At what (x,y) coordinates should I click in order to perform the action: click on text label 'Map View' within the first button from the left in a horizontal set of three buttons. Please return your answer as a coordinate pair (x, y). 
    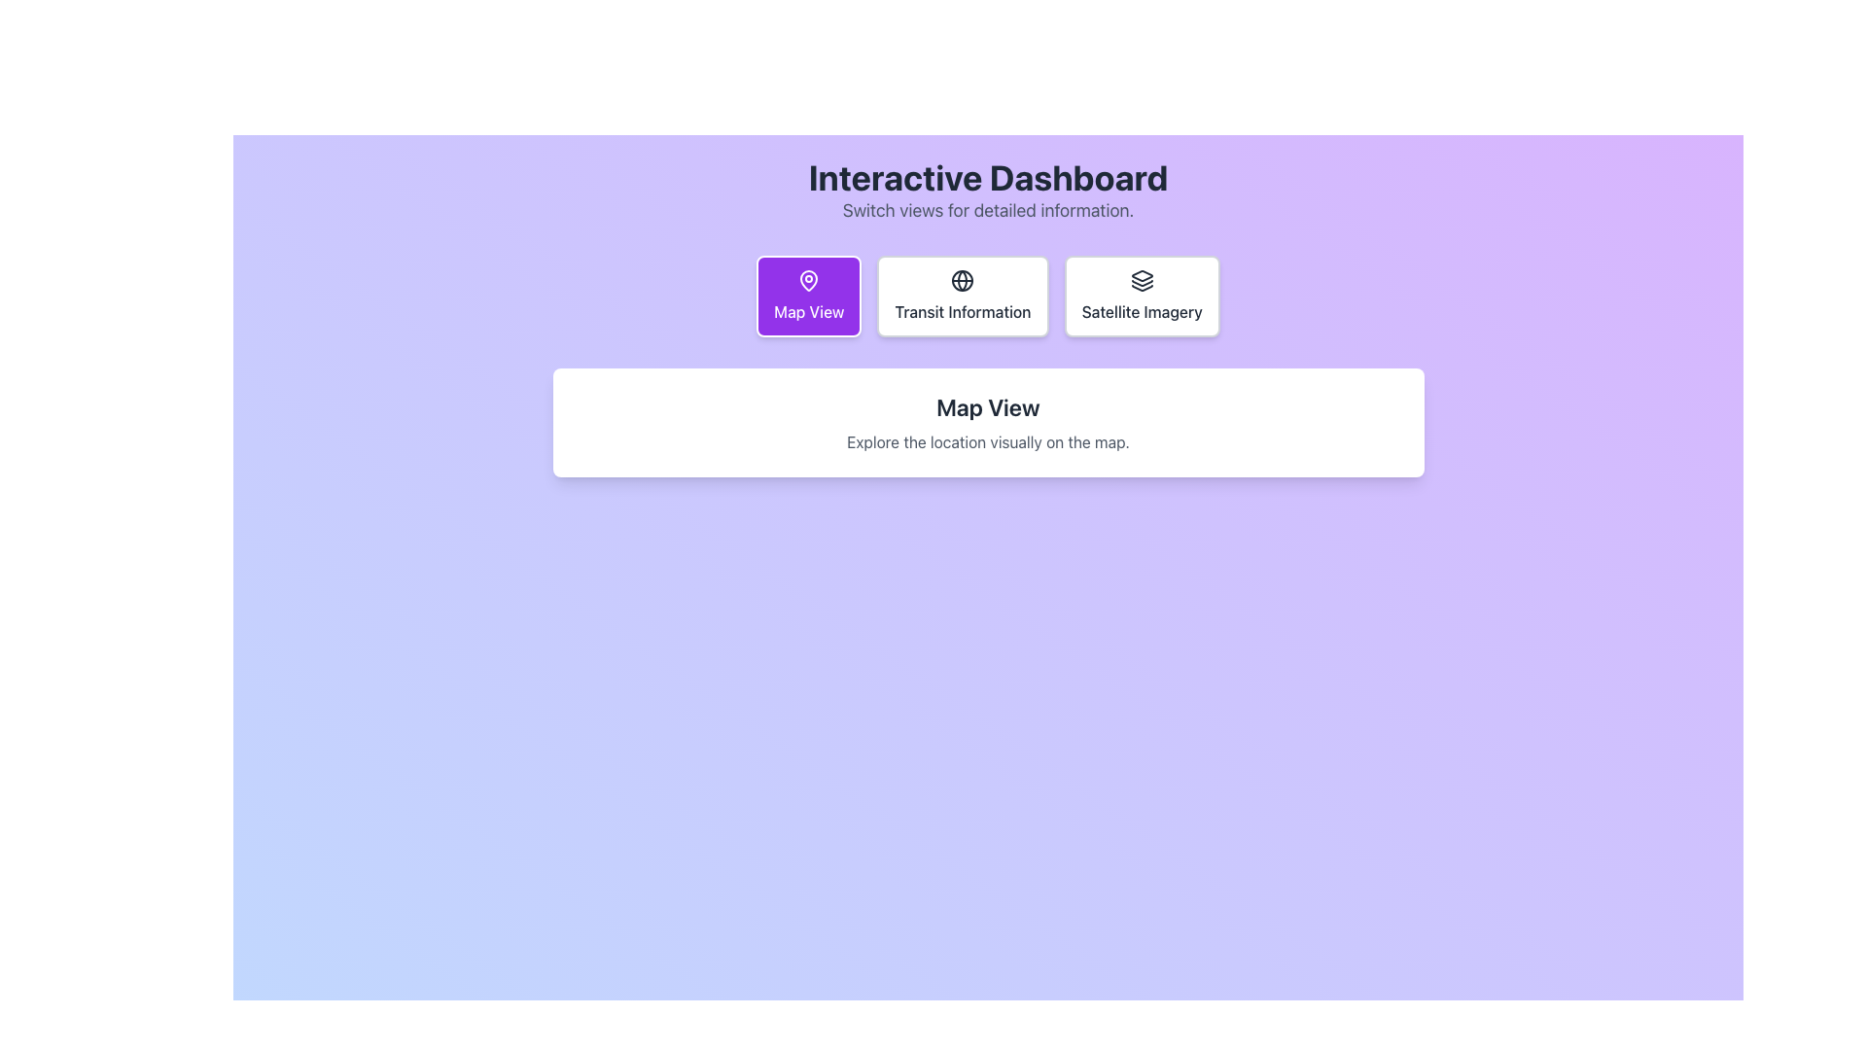
    Looking at the image, I should click on (809, 310).